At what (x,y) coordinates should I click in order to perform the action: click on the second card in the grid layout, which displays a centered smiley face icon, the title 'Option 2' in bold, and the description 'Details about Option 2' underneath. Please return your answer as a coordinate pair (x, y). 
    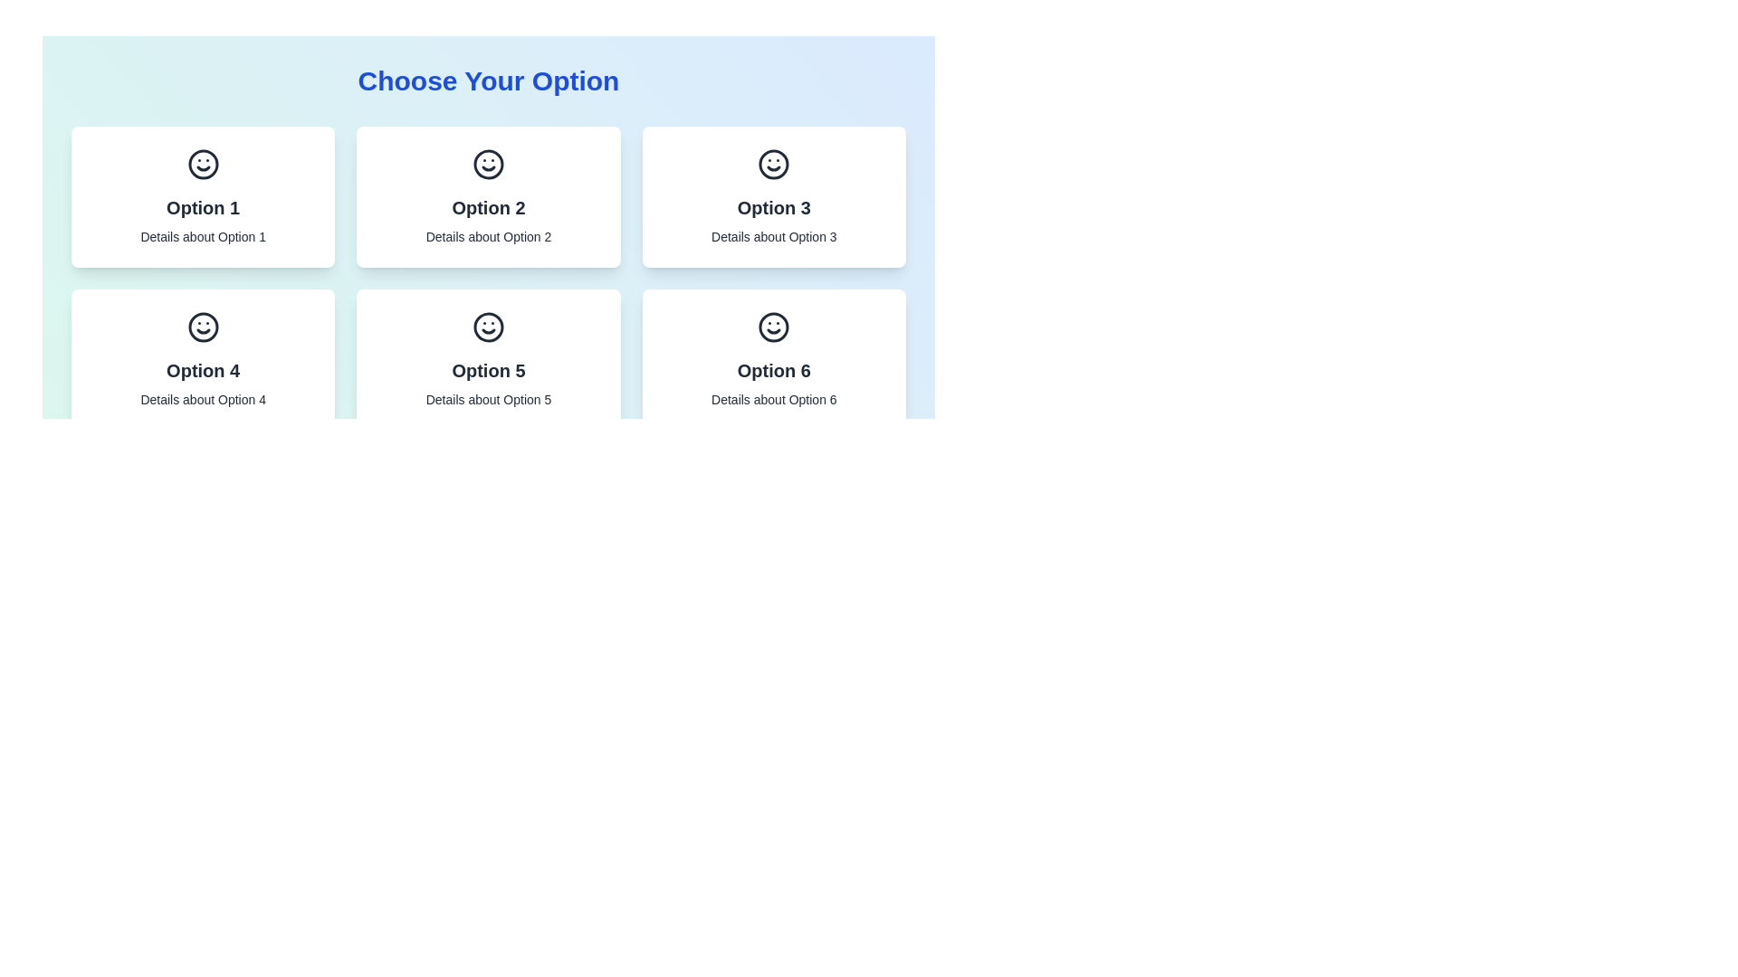
    Looking at the image, I should click on (488, 197).